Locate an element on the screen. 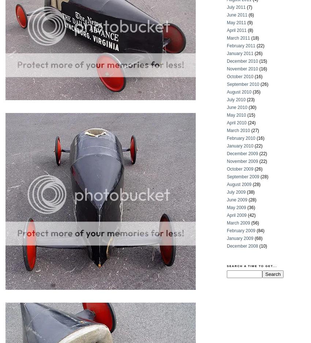 This screenshot has width=311, height=343. 'July 2011' is located at coordinates (226, 7).